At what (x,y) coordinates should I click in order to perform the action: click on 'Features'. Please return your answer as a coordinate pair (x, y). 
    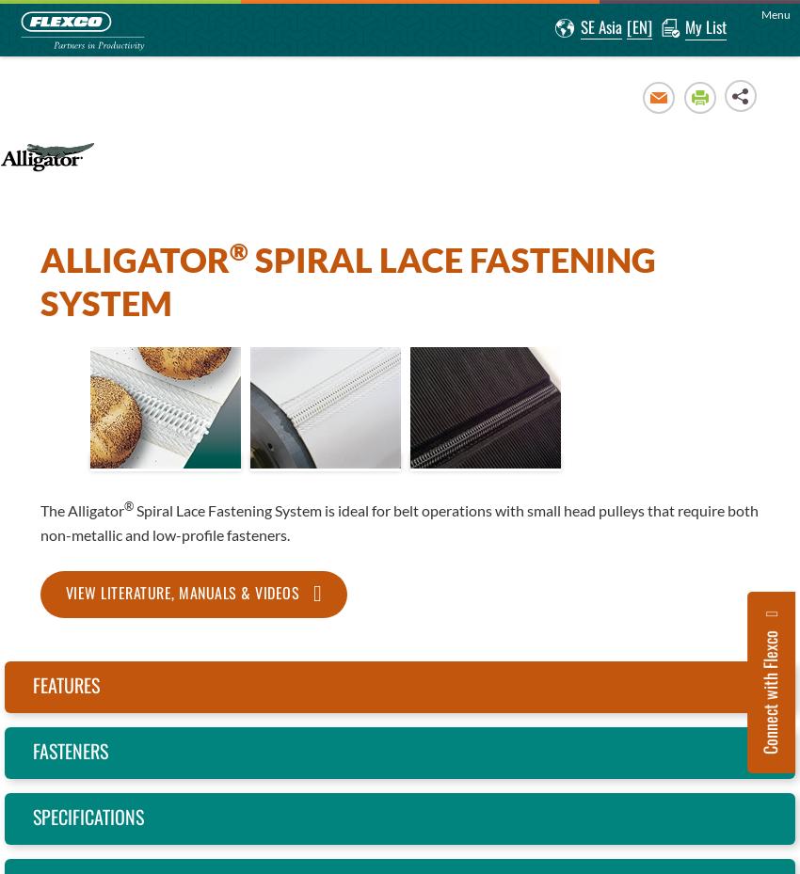
    Looking at the image, I should click on (66, 684).